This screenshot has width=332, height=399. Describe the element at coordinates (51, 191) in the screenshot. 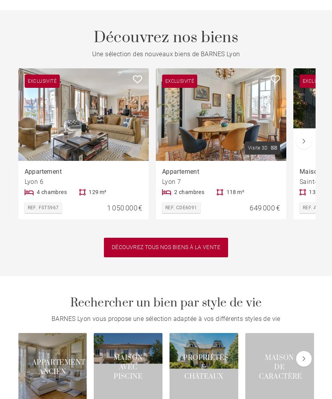

I see `'4 chambres'` at that location.